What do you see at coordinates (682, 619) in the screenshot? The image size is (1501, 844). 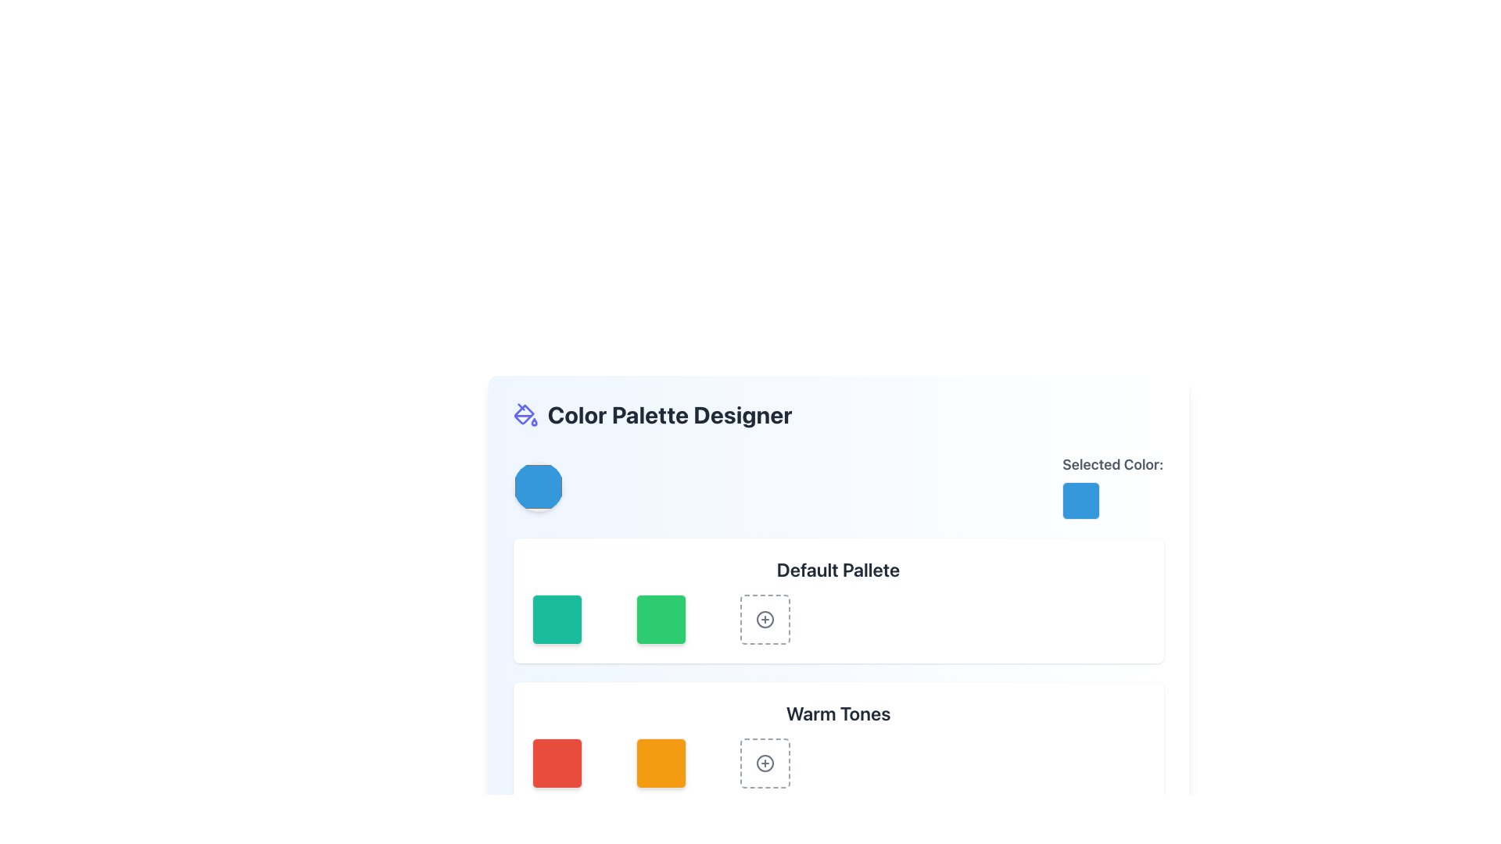 I see `the green square with rounded corners in the Default Palette section` at bounding box center [682, 619].